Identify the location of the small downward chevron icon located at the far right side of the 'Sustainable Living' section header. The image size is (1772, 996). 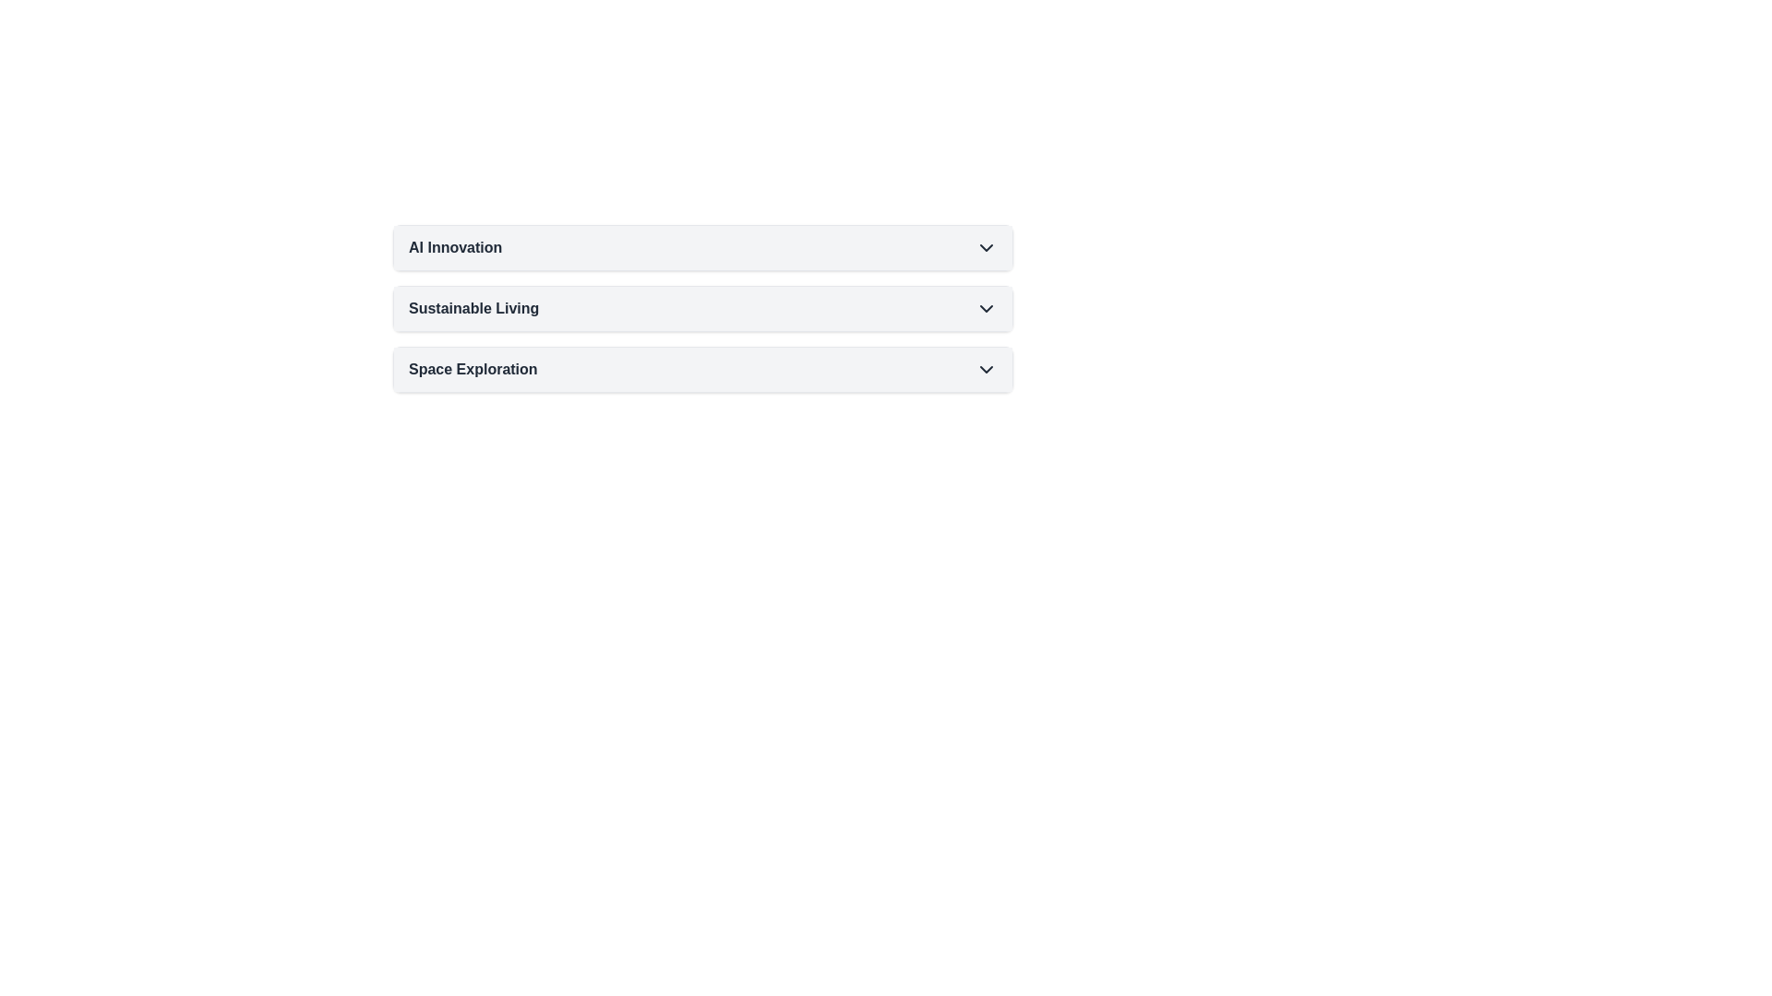
(986, 308).